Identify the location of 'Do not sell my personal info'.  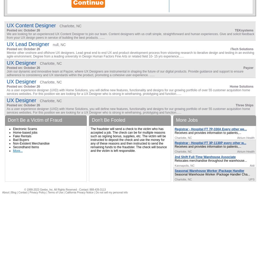
(112, 192).